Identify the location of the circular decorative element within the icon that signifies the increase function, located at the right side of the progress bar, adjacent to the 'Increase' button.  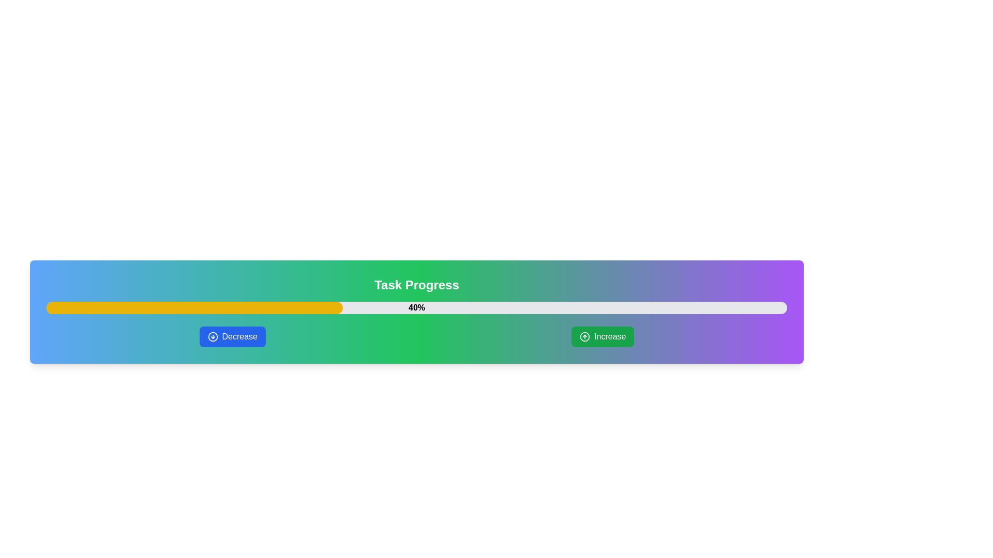
(585, 336).